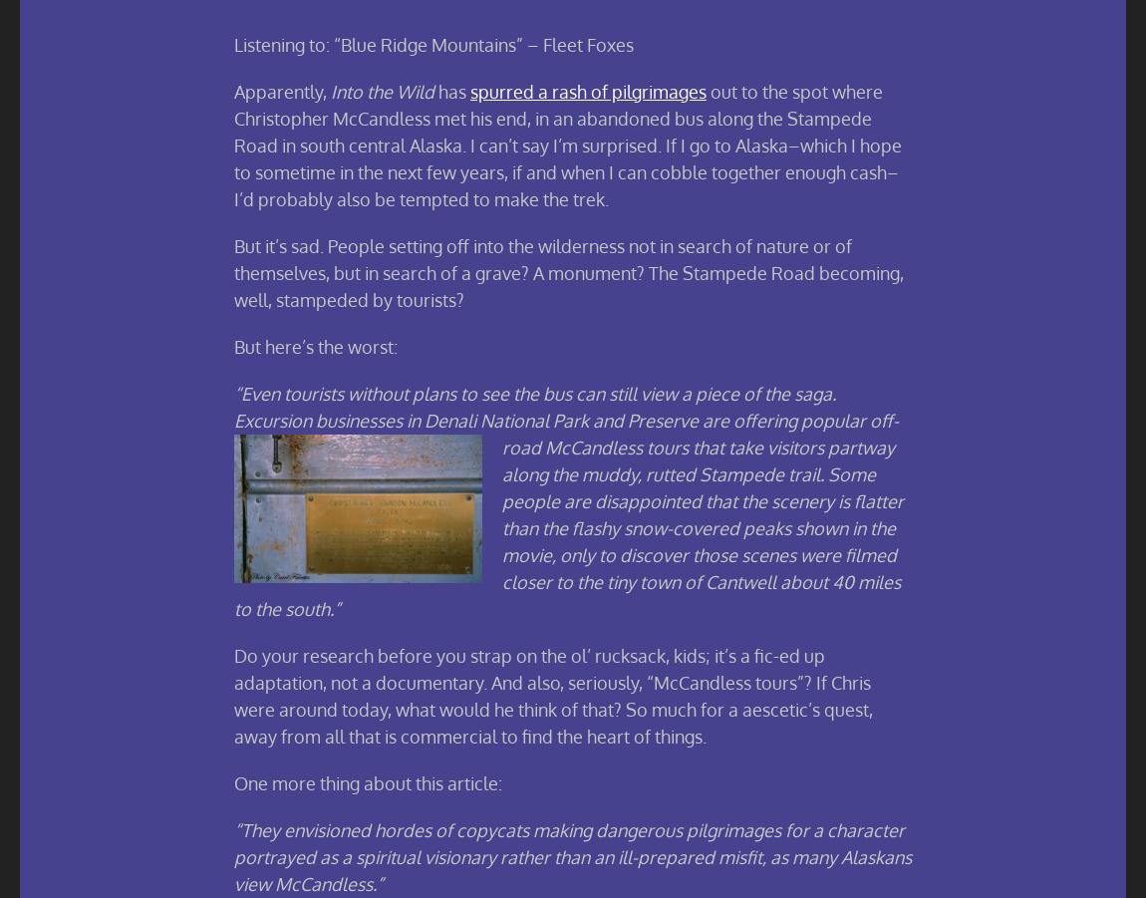 The height and width of the screenshot is (898, 1146). I want to click on 'Do your research before you strap on the ol’ rucksack, kids; it’s a fic-ed up adaptation, not a documentary. And also, seriously, “McCandless tours”? If Chris were around today, what would he think of that? So much for a aescetic’s quest, away from all that is commercial to find the heart of things.', so click(553, 695).